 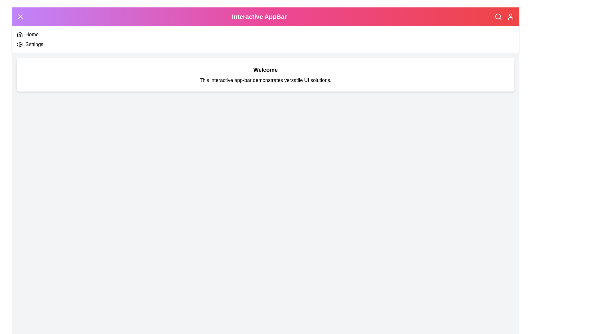 I want to click on the User icon in the AppBar, so click(x=510, y=16).